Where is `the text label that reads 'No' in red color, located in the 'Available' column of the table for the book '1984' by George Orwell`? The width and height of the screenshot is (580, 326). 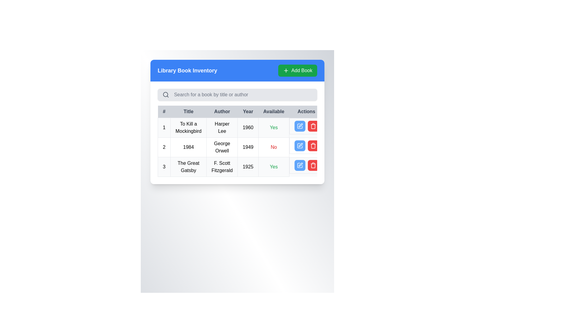
the text label that reads 'No' in red color, located in the 'Available' column of the table for the book '1984' by George Orwell is located at coordinates (273, 147).